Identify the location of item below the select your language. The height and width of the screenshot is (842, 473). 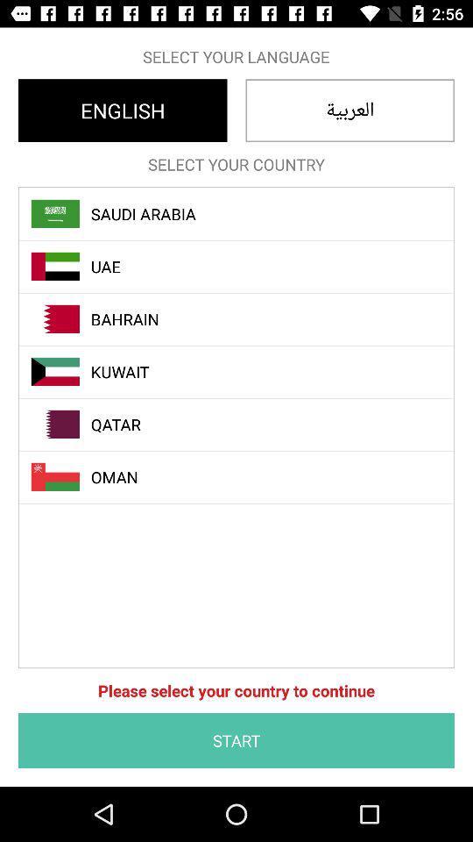
(122, 110).